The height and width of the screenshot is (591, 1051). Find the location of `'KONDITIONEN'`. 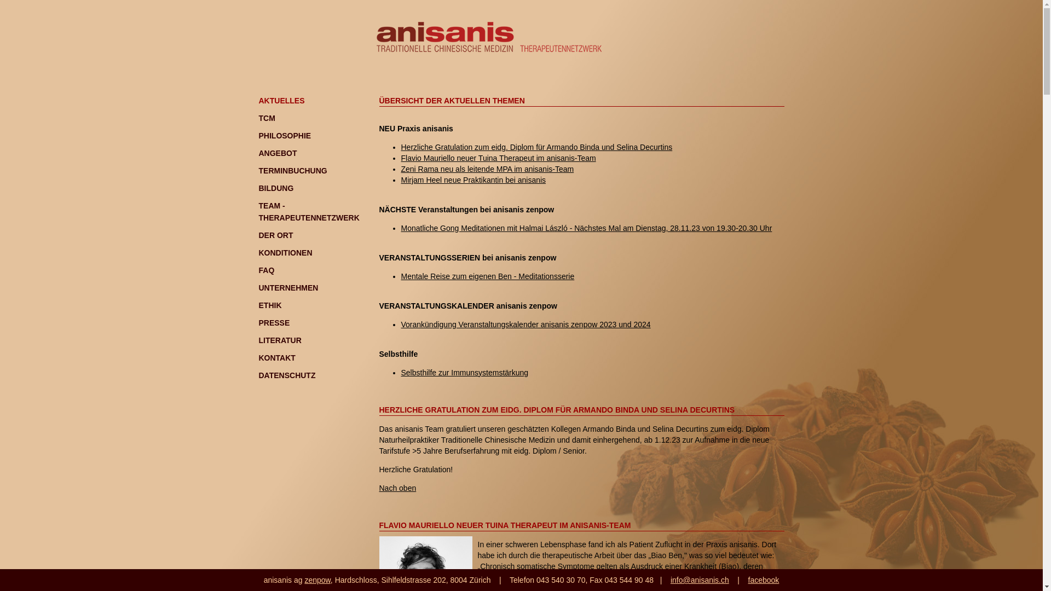

'KONDITIONEN' is located at coordinates (285, 253).